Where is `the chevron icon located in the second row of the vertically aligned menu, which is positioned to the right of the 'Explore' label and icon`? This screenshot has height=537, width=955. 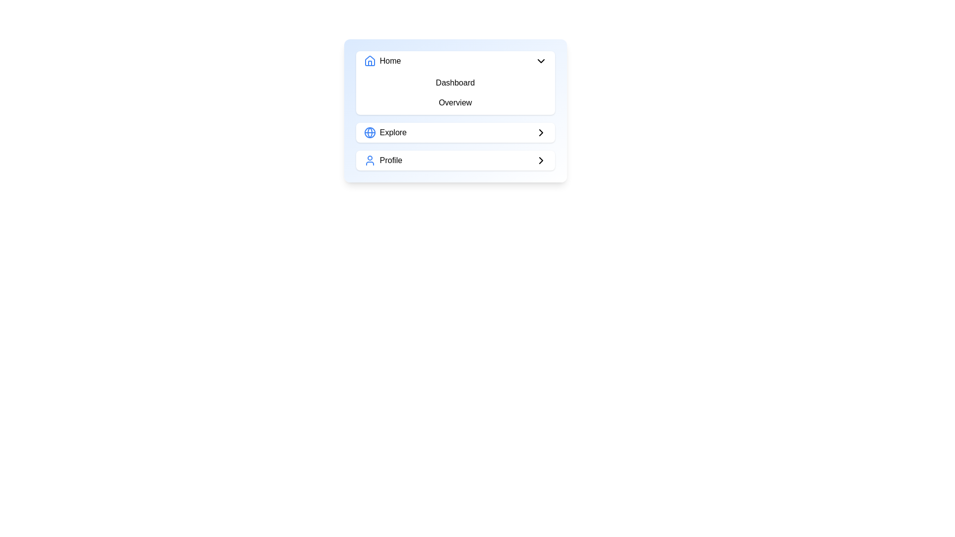 the chevron icon located in the second row of the vertically aligned menu, which is positioned to the right of the 'Explore' label and icon is located at coordinates (540, 160).